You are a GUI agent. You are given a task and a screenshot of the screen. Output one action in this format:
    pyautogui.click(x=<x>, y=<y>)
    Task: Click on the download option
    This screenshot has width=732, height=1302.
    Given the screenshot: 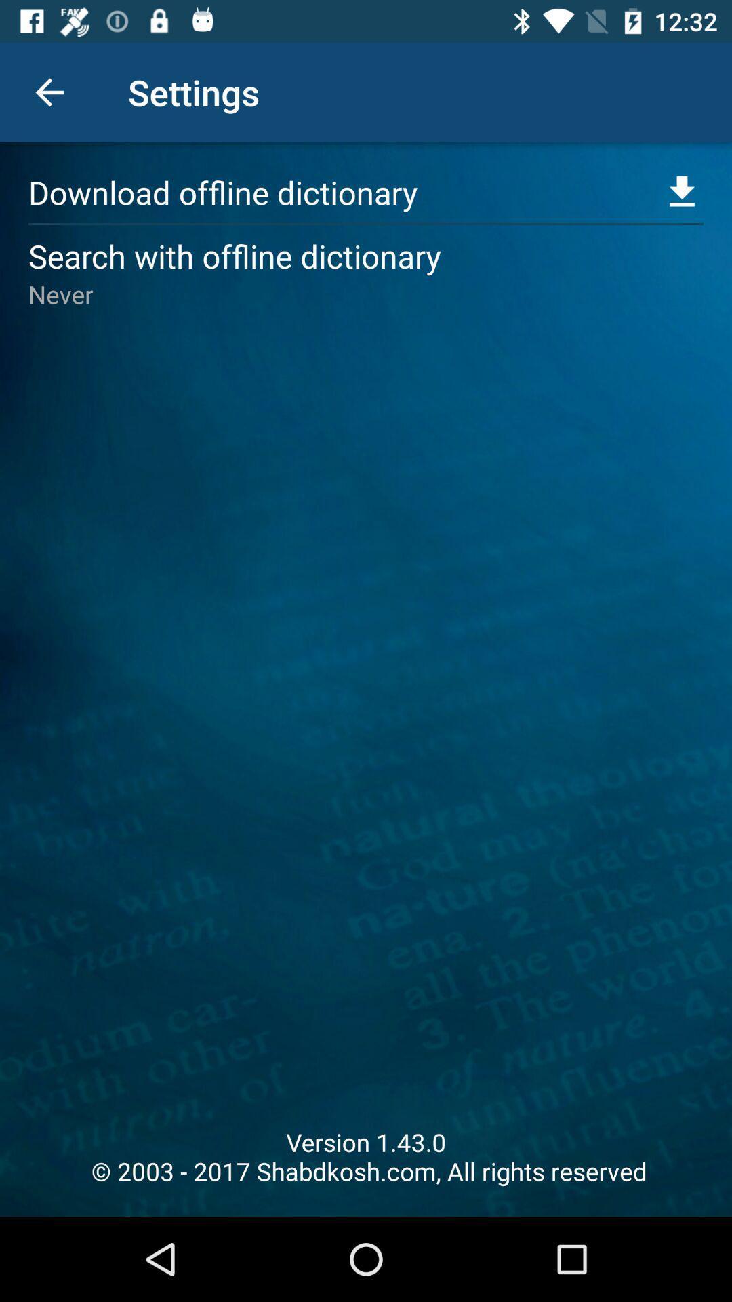 What is the action you would take?
    pyautogui.click(x=682, y=191)
    